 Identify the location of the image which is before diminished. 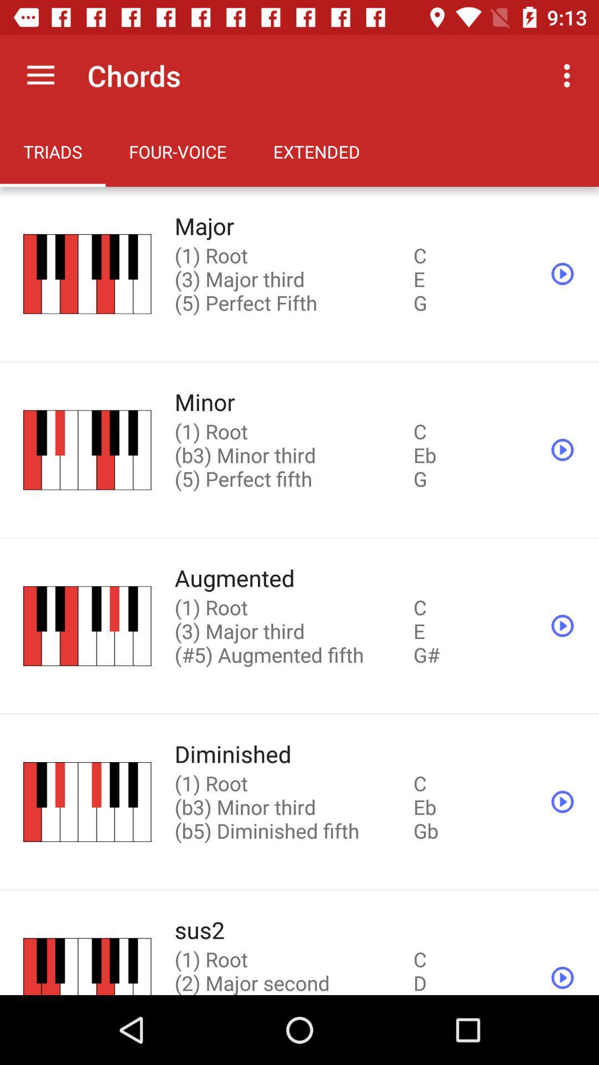
(87, 802).